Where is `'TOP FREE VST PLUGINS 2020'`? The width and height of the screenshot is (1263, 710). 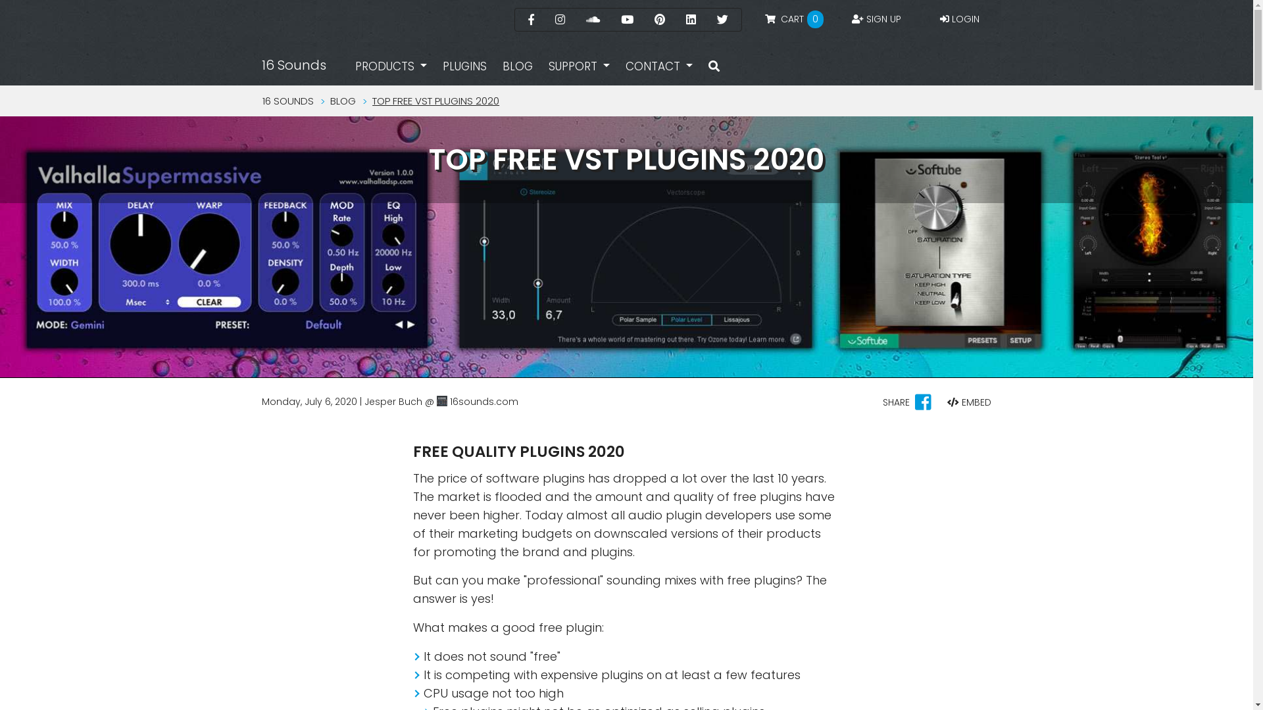
'TOP FREE VST PLUGINS 2020' is located at coordinates (435, 100).